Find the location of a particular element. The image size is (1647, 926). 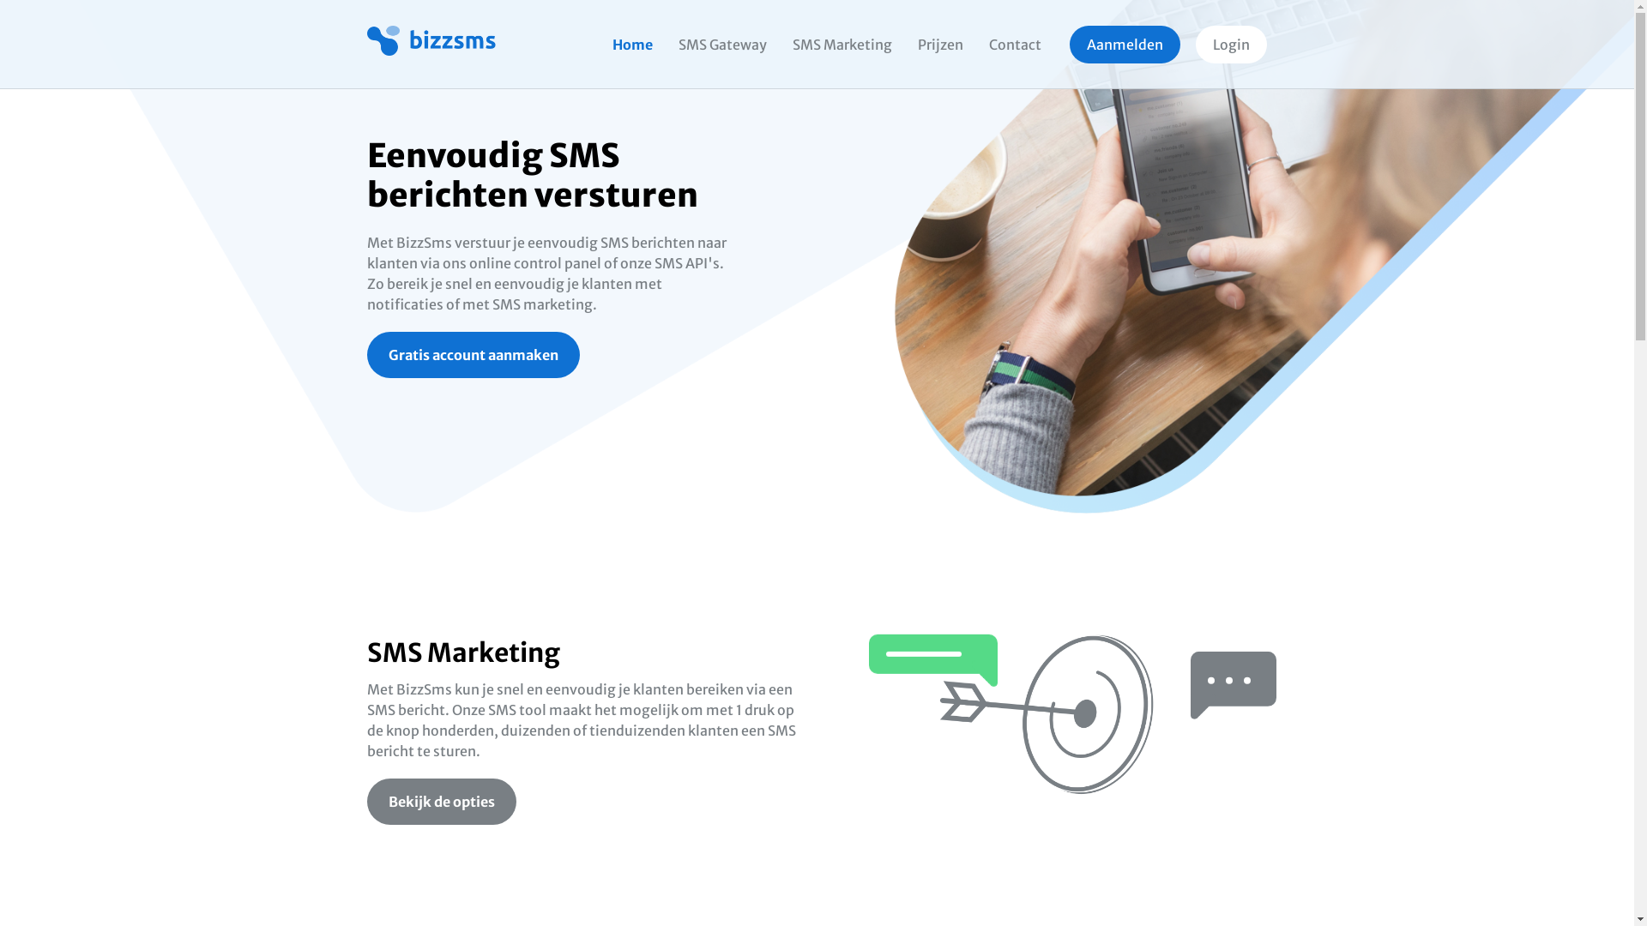

'SMS Gateway' is located at coordinates (665, 43).